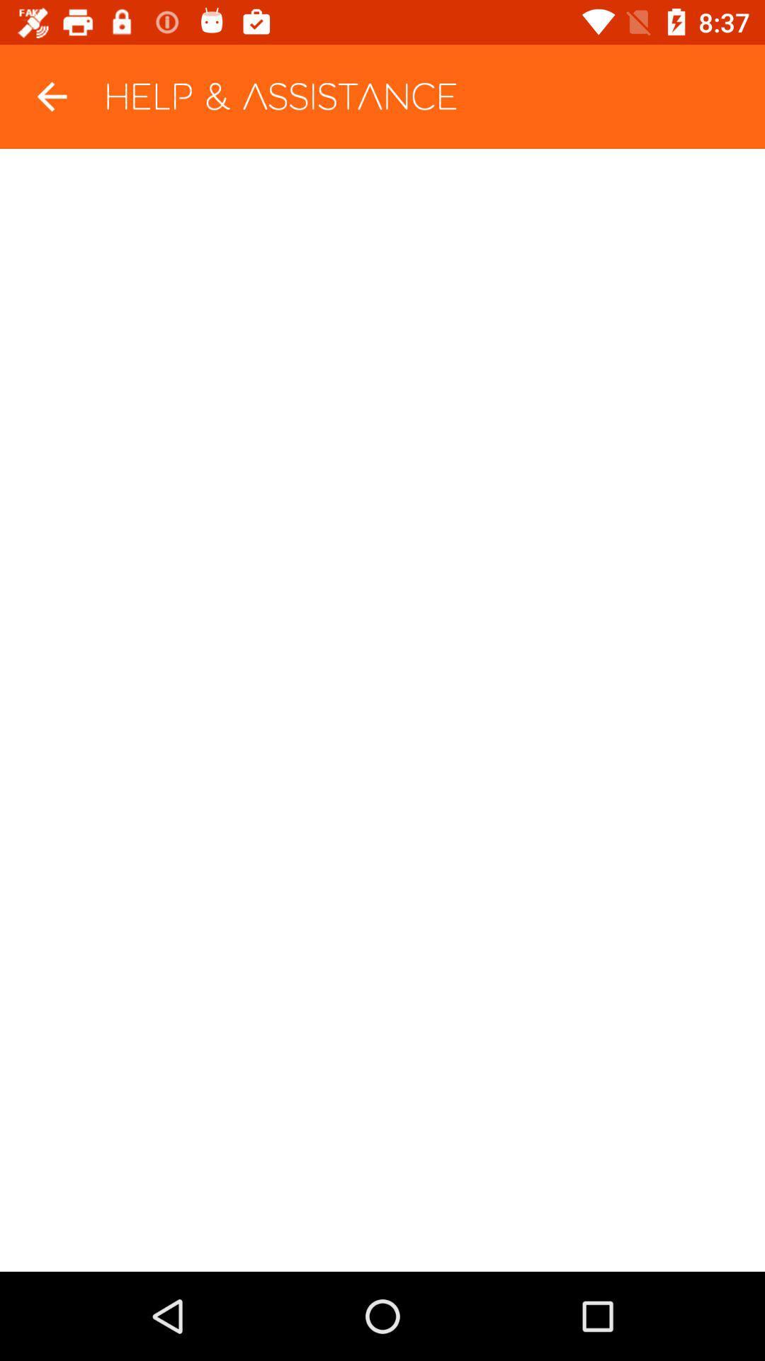 The image size is (765, 1361). I want to click on item to the left of the help & assistance, so click(51, 96).